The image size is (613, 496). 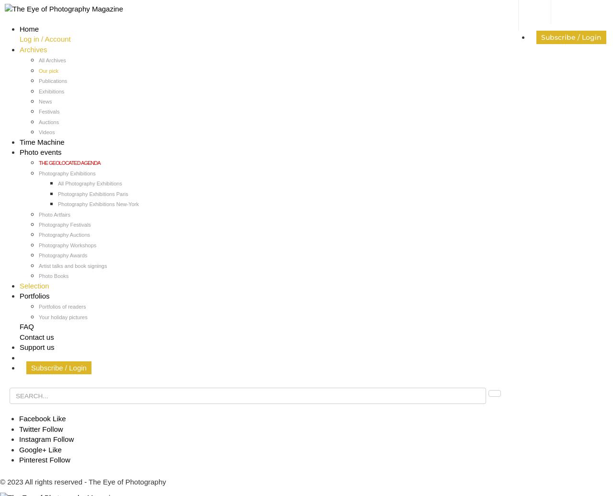 What do you see at coordinates (38, 60) in the screenshot?
I see `'All Archives'` at bounding box center [38, 60].